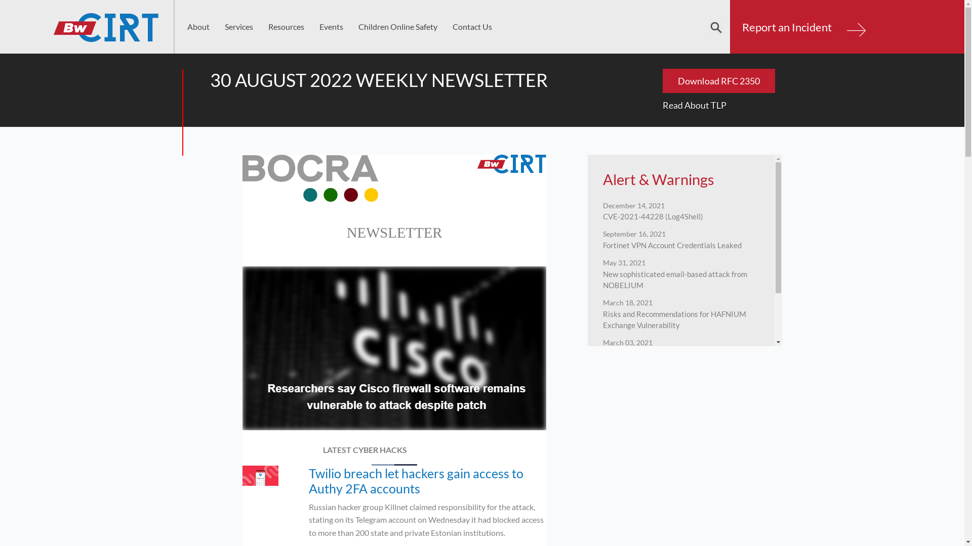  Describe the element at coordinates (311, 26) in the screenshot. I see `'Events'` at that location.